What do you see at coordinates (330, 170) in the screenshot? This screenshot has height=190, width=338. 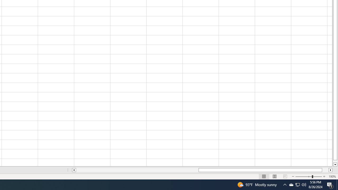 I see `'Column right'` at bounding box center [330, 170].